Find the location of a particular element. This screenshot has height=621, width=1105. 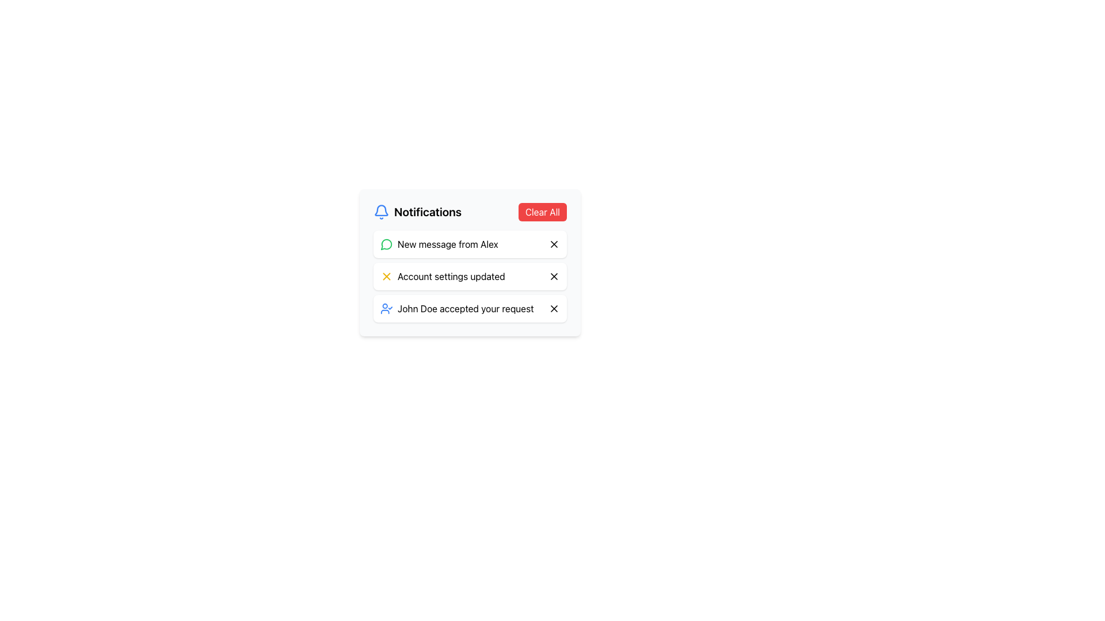

the SVG icon representing the acceptance of a request, located on the left side of the notification with the text 'John Doe accepted your request' is located at coordinates (387, 308).